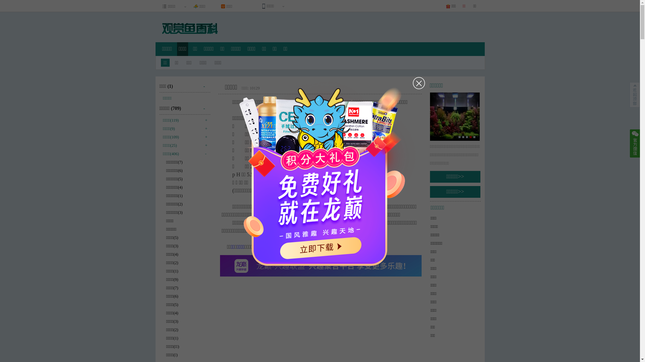 The width and height of the screenshot is (645, 362). I want to click on '-', so click(204, 153).